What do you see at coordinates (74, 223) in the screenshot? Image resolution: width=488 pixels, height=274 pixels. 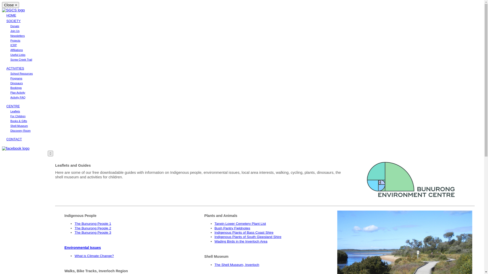 I see `'The Bunurong People 1'` at bounding box center [74, 223].